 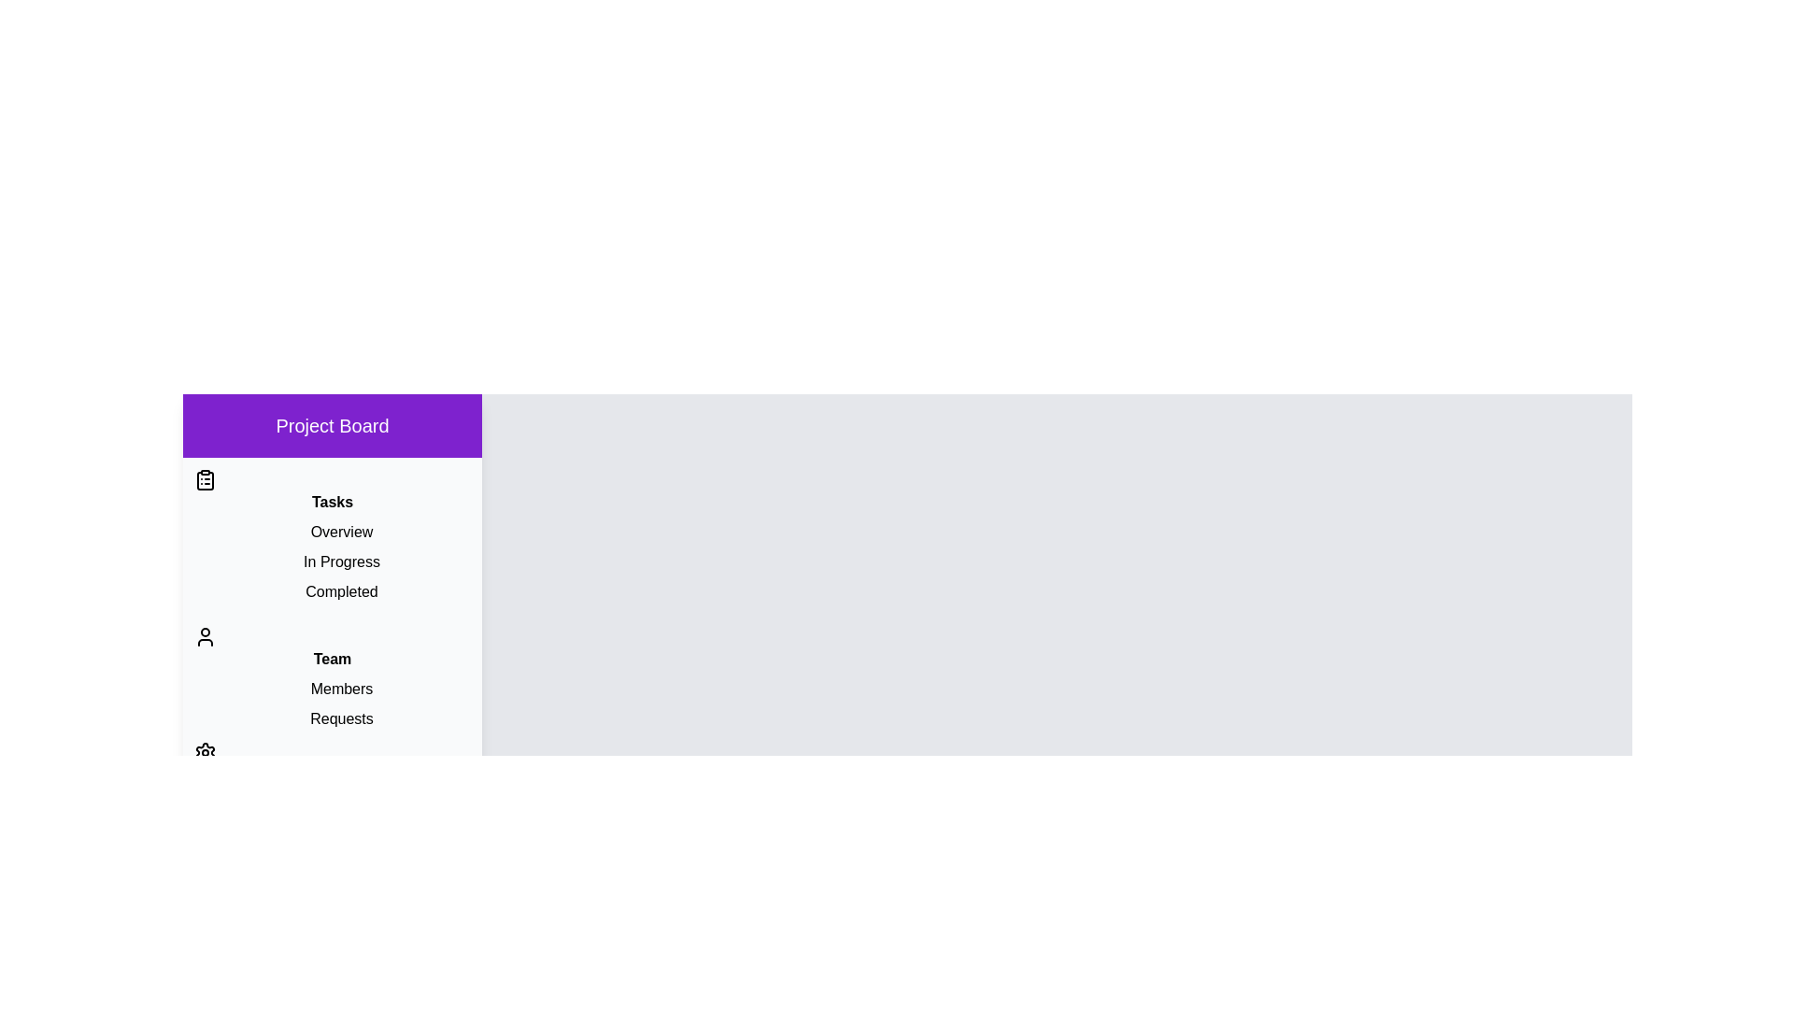 What do you see at coordinates (332, 533) in the screenshot?
I see `the item Overview in the section Tasks` at bounding box center [332, 533].